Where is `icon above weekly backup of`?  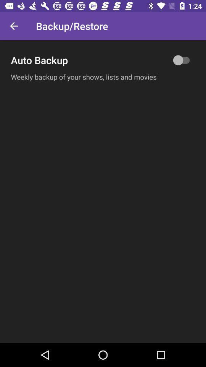
icon above weekly backup of is located at coordinates (103, 60).